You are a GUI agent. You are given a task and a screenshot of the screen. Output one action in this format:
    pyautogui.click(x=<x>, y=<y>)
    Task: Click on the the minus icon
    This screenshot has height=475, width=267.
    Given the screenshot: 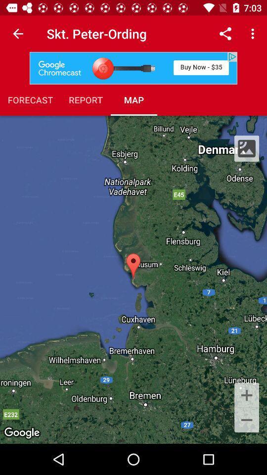 What is the action you would take?
    pyautogui.click(x=246, y=420)
    